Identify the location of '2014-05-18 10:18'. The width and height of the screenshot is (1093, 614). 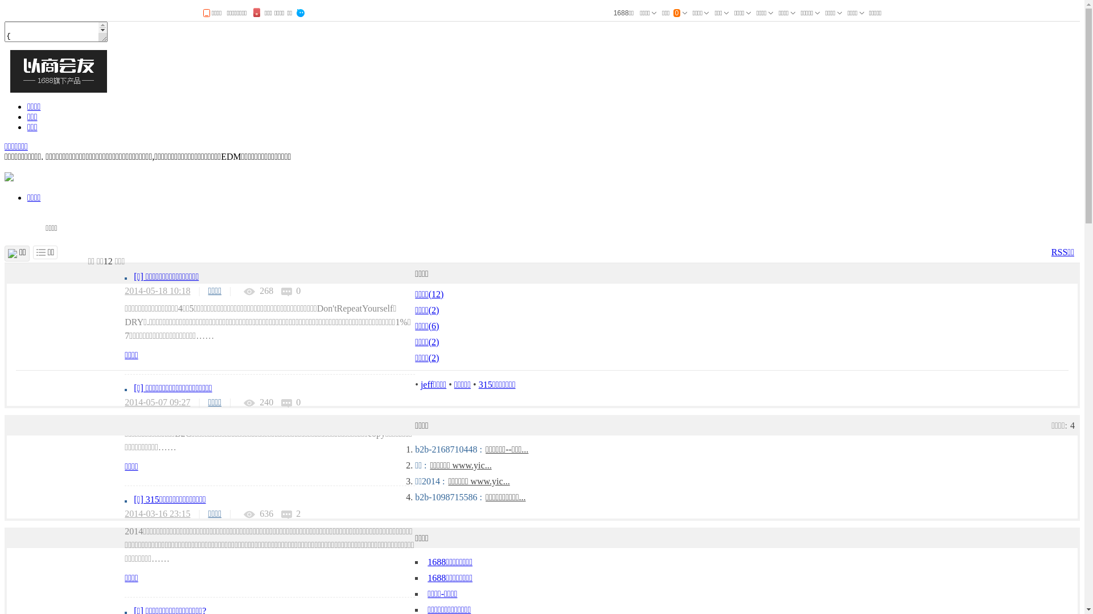
(157, 290).